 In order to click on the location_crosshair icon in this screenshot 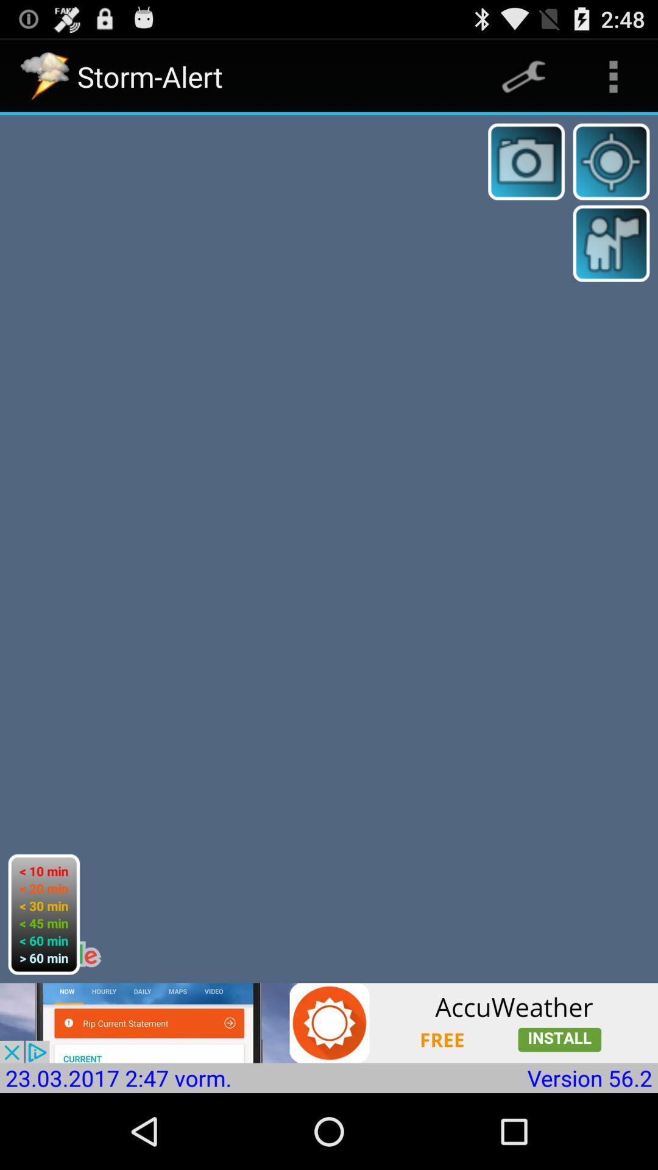, I will do `click(611, 172)`.